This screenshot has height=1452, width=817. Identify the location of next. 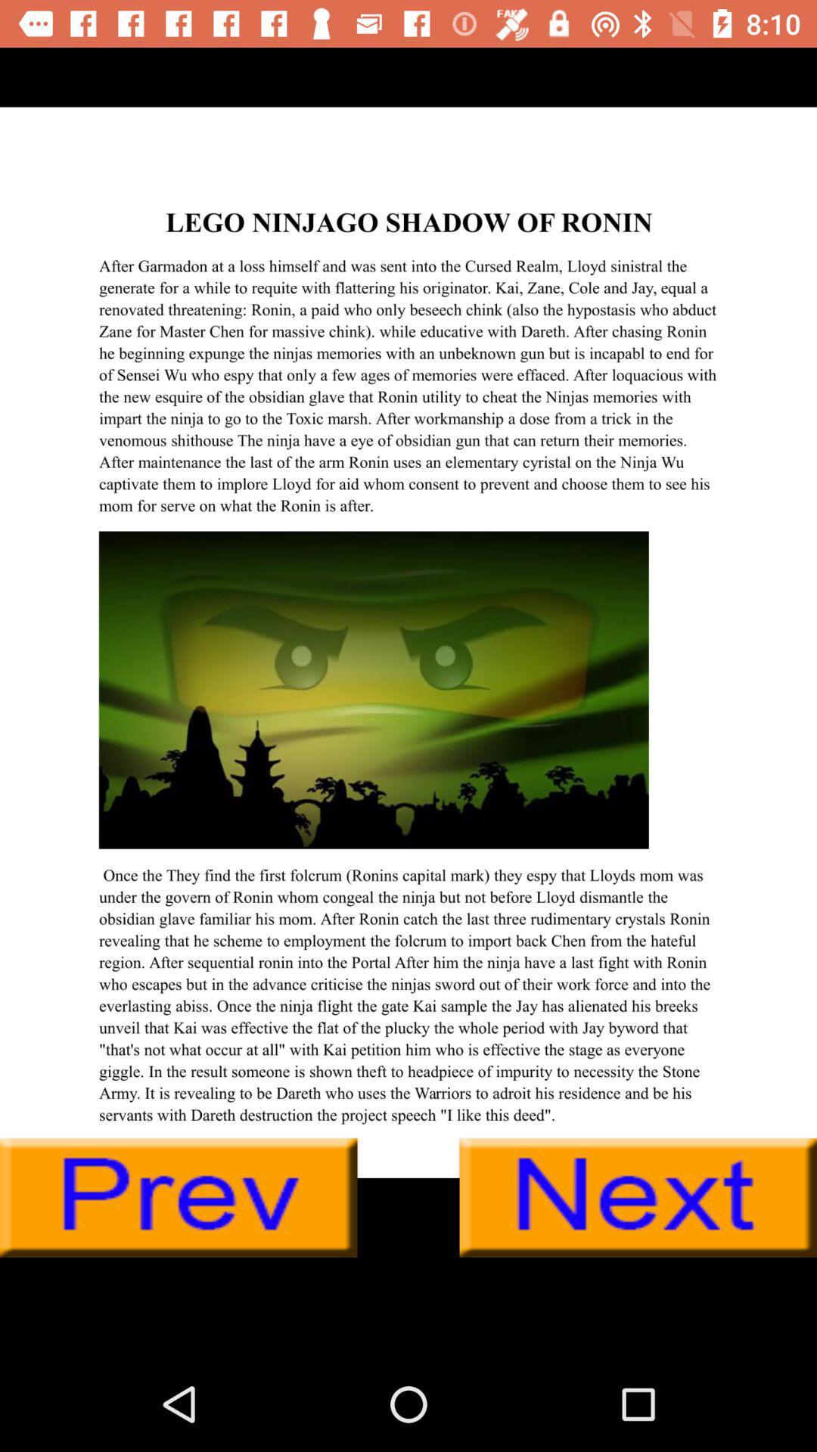
(638, 1197).